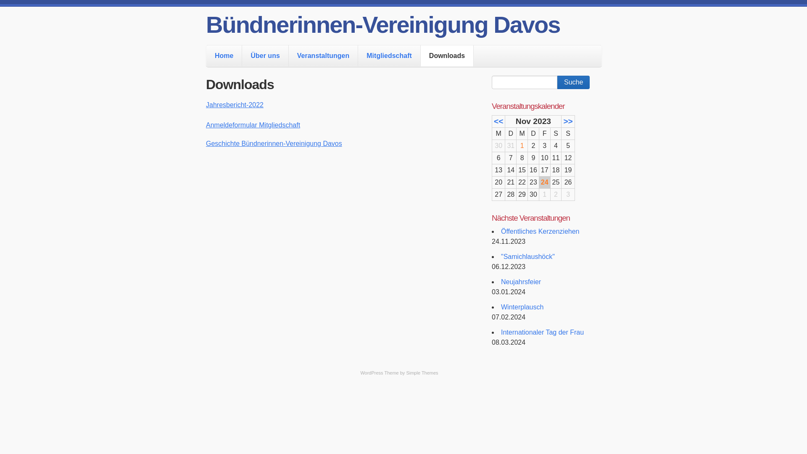  Describe the element at coordinates (498, 121) in the screenshot. I see `'<<'` at that location.